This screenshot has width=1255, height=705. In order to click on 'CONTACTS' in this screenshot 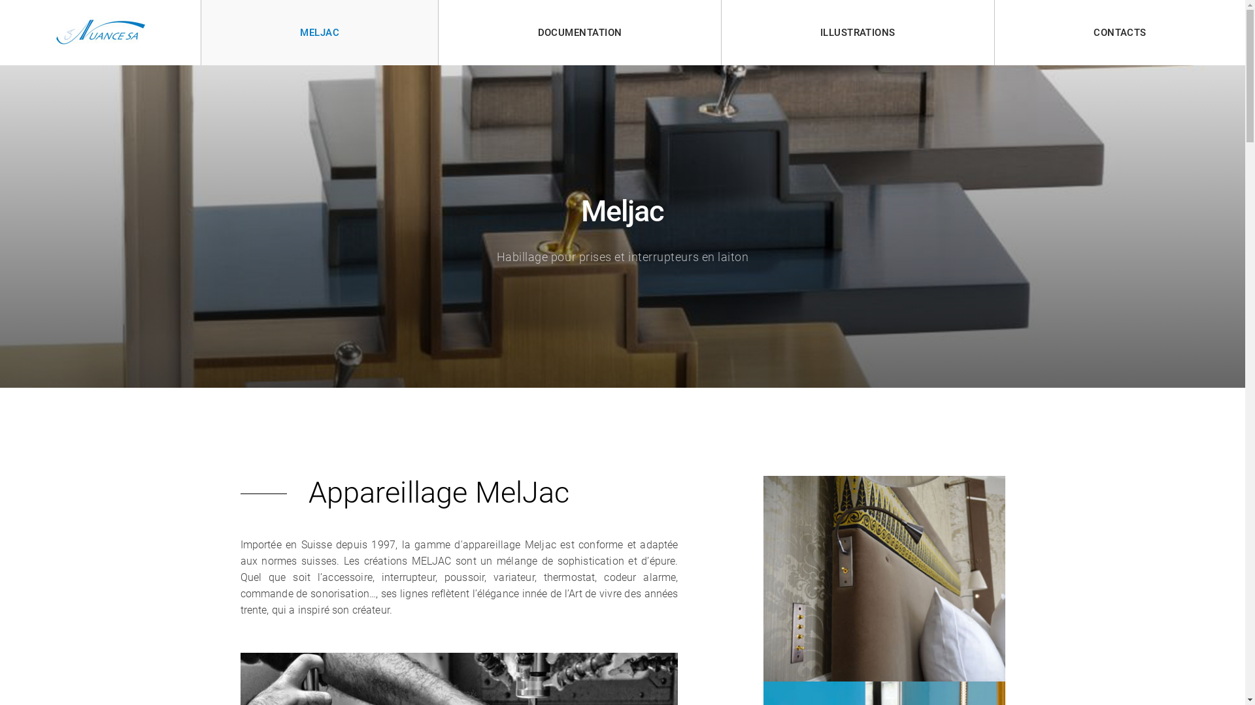, I will do `click(1119, 32)`.